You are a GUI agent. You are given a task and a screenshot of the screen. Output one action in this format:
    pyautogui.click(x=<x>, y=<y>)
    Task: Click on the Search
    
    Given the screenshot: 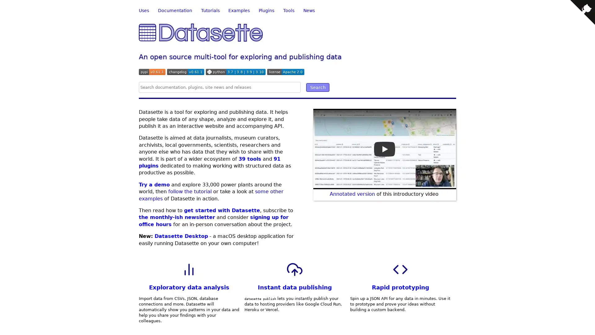 What is the action you would take?
    pyautogui.click(x=318, y=87)
    